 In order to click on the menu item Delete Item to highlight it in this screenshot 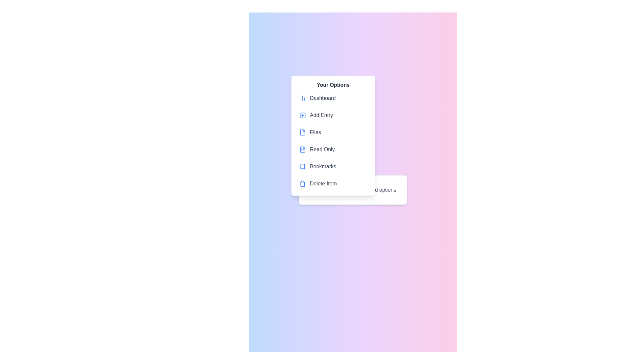, I will do `click(333, 184)`.